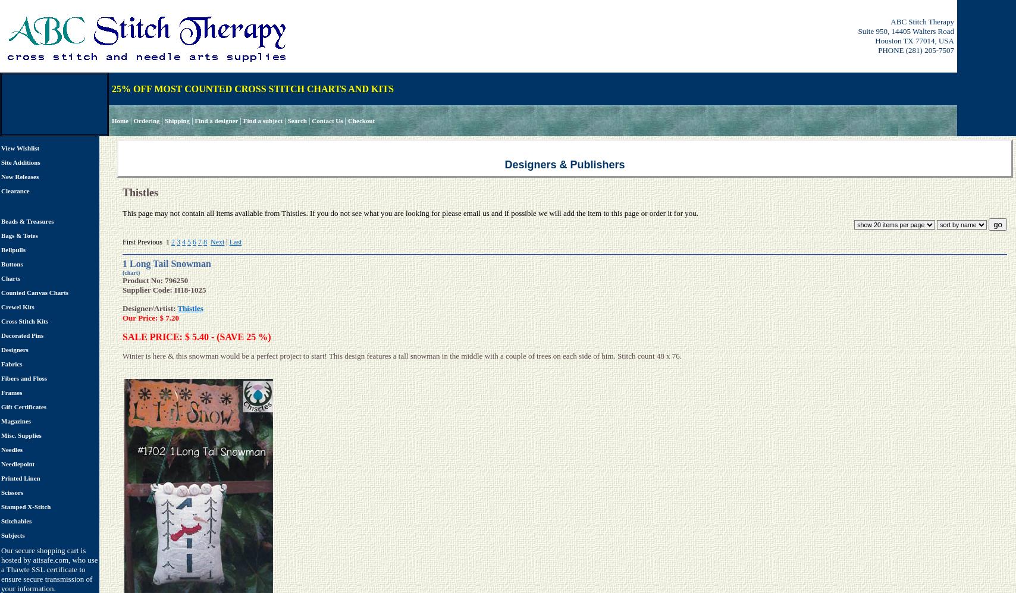 This screenshot has height=593, width=1016. Describe the element at coordinates (262, 120) in the screenshot. I see `'Find a subject'` at that location.